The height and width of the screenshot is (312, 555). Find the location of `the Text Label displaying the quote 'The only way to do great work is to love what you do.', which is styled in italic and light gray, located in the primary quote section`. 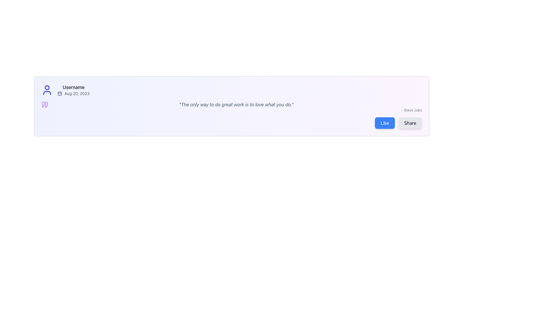

the Text Label displaying the quote 'The only way to do great work is to love what you do.', which is styled in italic and light gray, located in the primary quote section is located at coordinates (232, 105).